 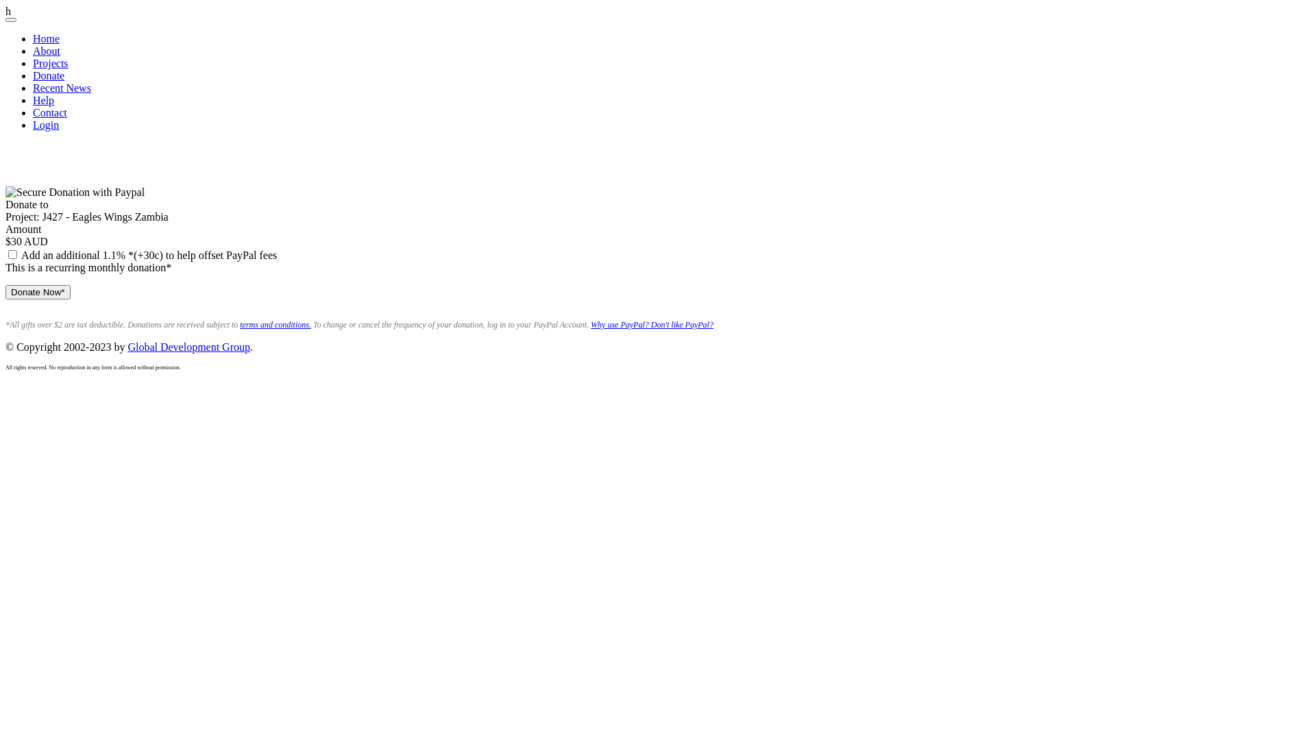 What do you see at coordinates (46, 38) in the screenshot?
I see `'Home'` at bounding box center [46, 38].